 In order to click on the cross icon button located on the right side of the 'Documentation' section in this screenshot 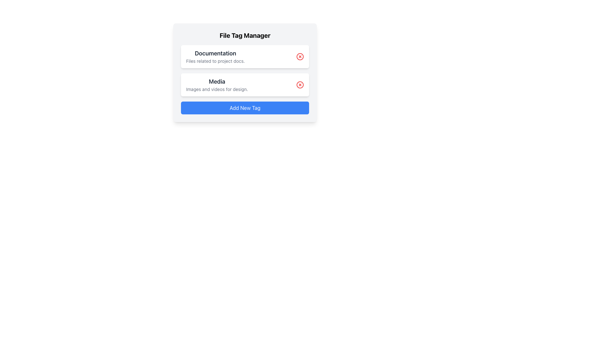, I will do `click(299, 56)`.